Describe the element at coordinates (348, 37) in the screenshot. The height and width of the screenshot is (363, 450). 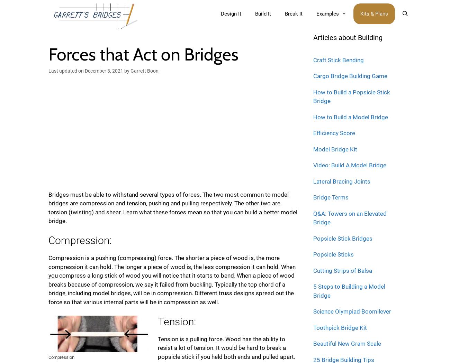
I see `'Articles about Building'` at that location.